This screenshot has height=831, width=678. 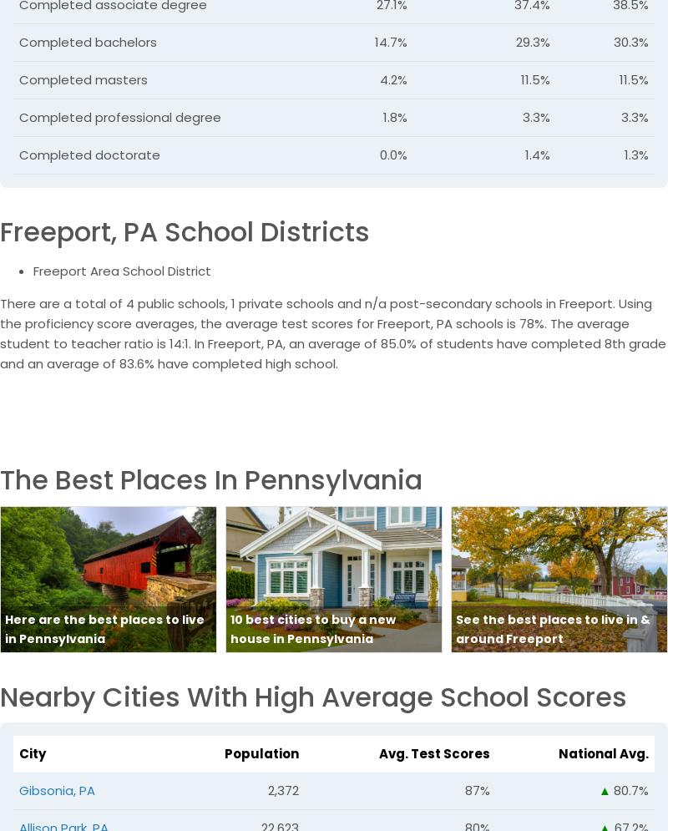 I want to click on 'National Avg.', so click(x=604, y=752).